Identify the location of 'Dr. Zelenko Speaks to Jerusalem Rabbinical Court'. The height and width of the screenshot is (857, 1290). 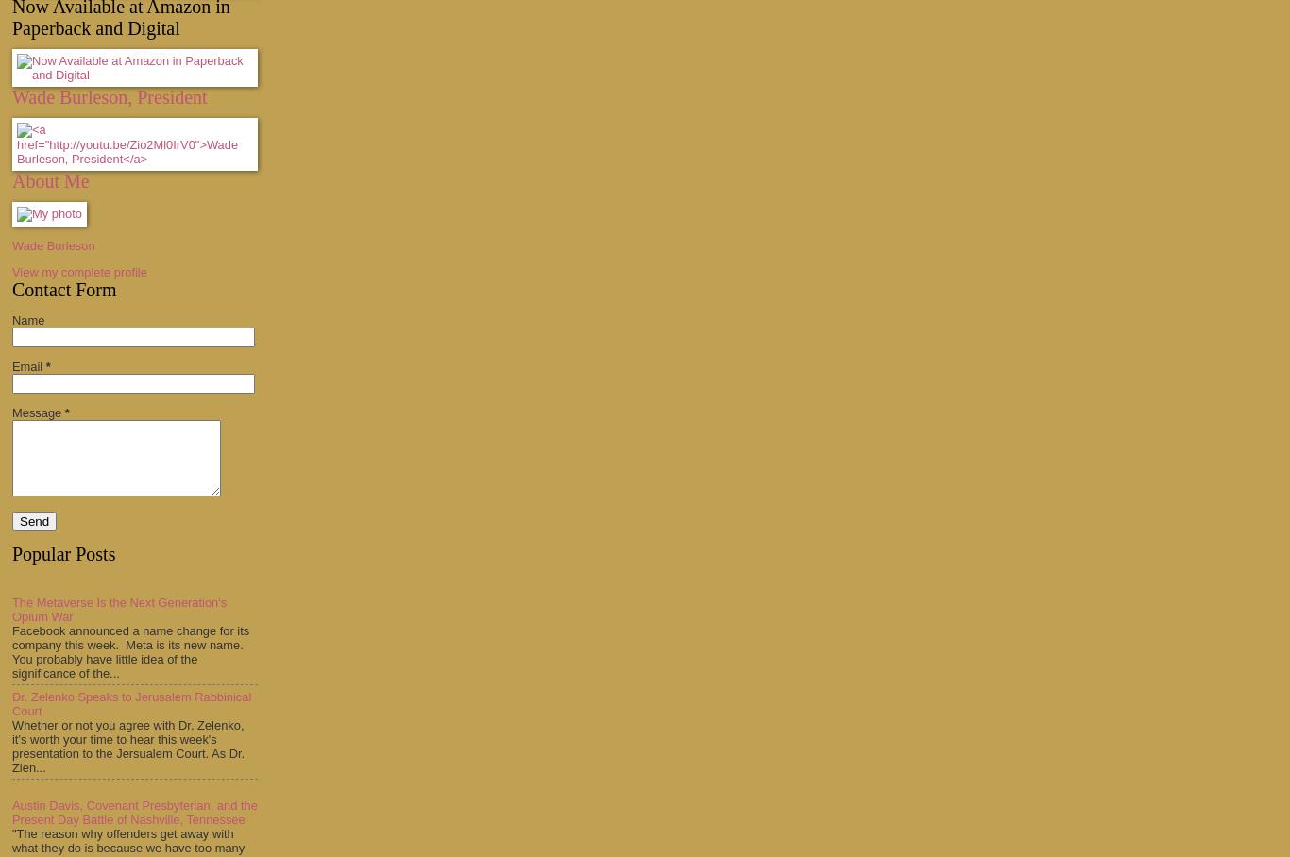
(130, 703).